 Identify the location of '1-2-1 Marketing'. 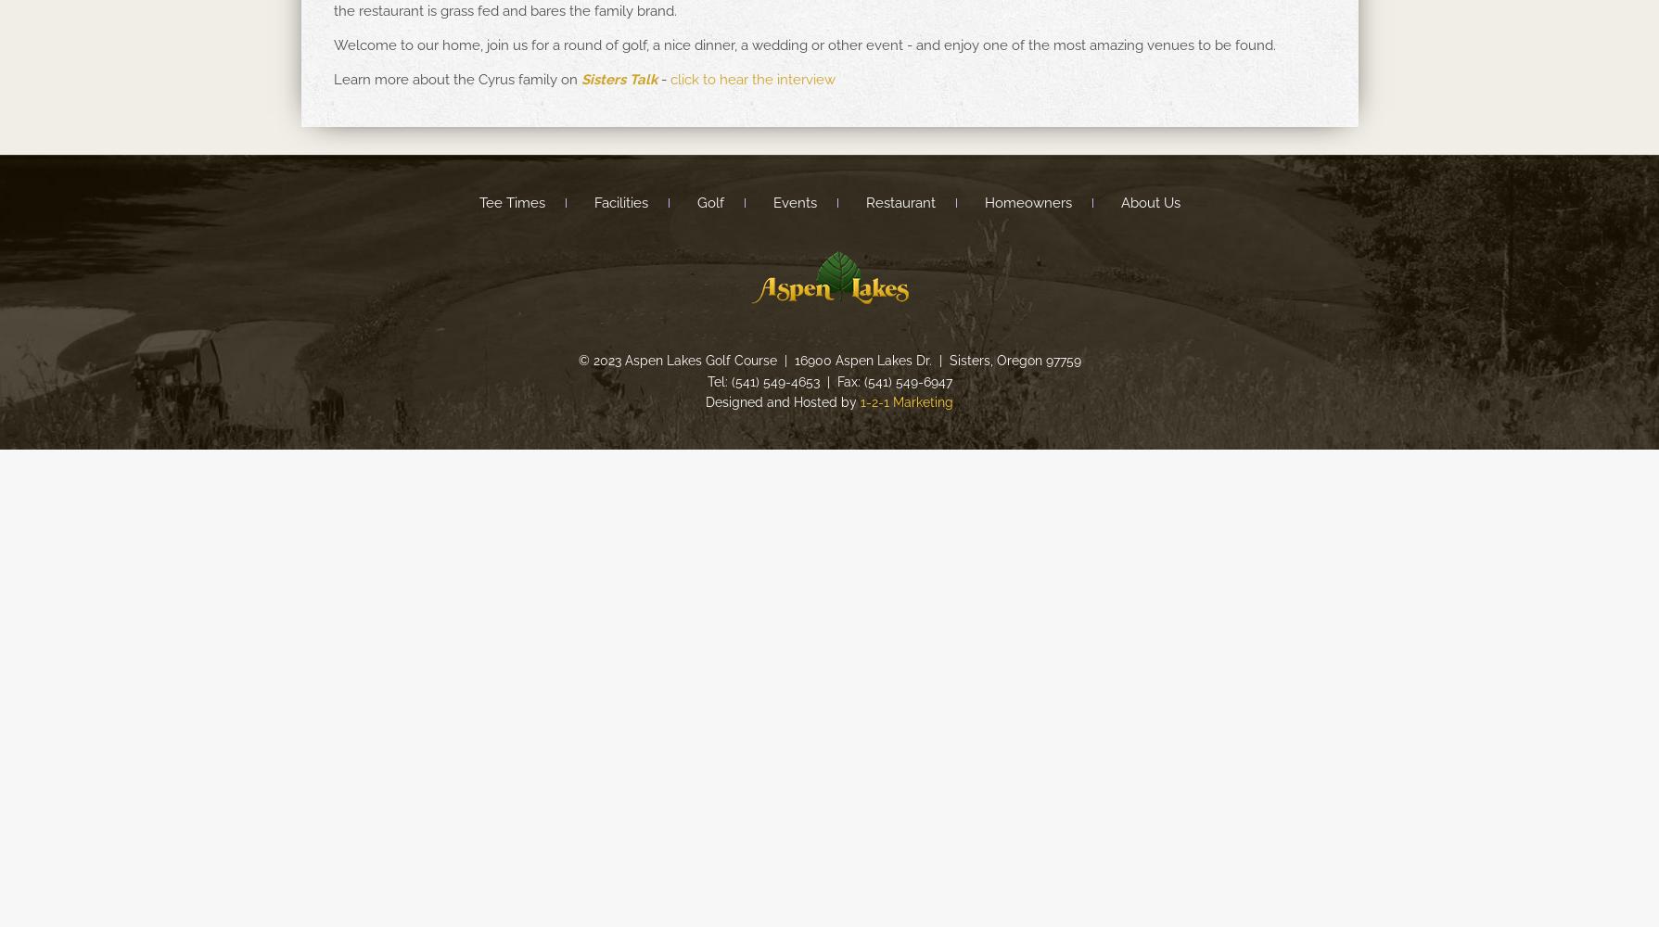
(859, 402).